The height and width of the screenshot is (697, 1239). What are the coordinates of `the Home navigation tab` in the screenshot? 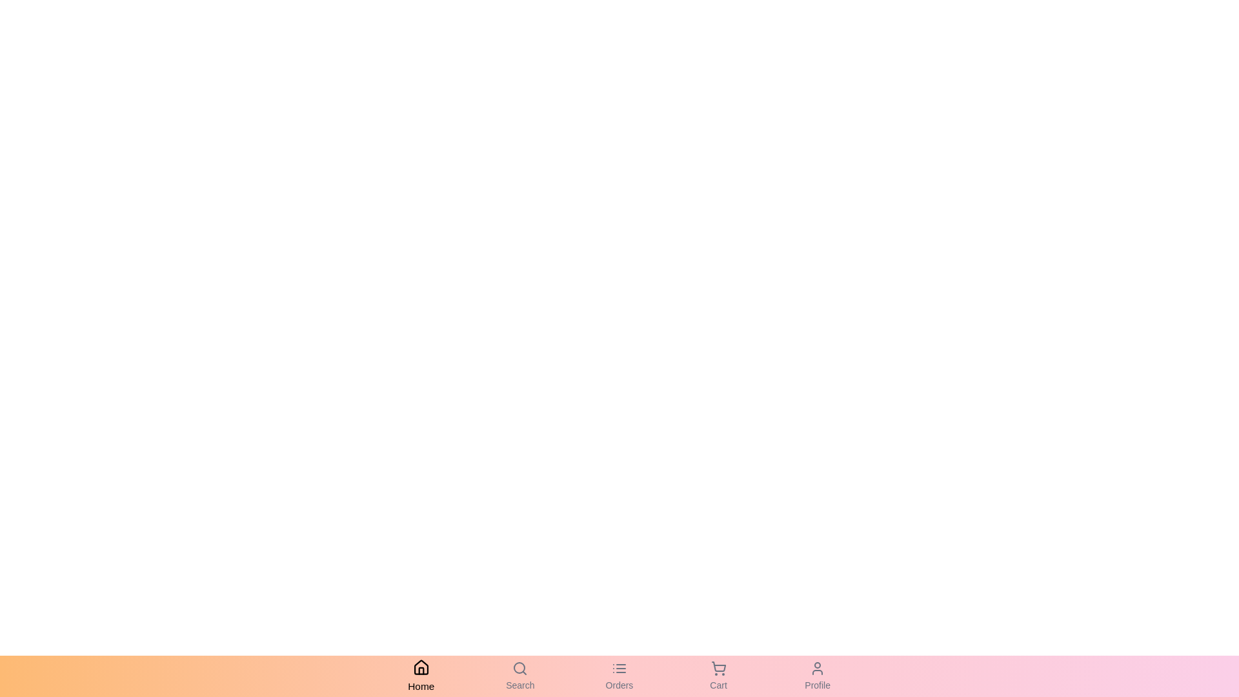 It's located at (421, 676).